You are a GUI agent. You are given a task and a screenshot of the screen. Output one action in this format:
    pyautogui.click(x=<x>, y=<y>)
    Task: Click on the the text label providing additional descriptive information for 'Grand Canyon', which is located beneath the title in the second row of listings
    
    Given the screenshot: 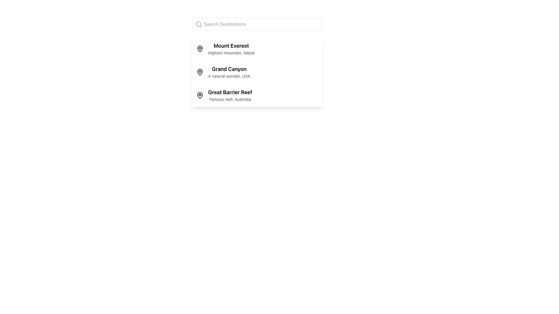 What is the action you would take?
    pyautogui.click(x=229, y=76)
    